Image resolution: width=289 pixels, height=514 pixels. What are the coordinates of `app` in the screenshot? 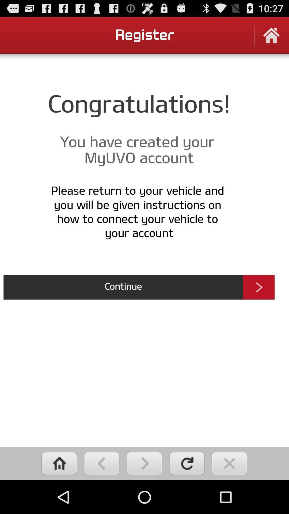 It's located at (229, 463).